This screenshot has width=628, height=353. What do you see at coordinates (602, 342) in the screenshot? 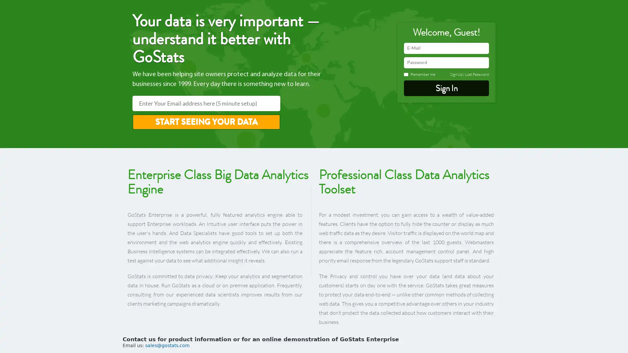
I see `Let's talk!` at bounding box center [602, 342].